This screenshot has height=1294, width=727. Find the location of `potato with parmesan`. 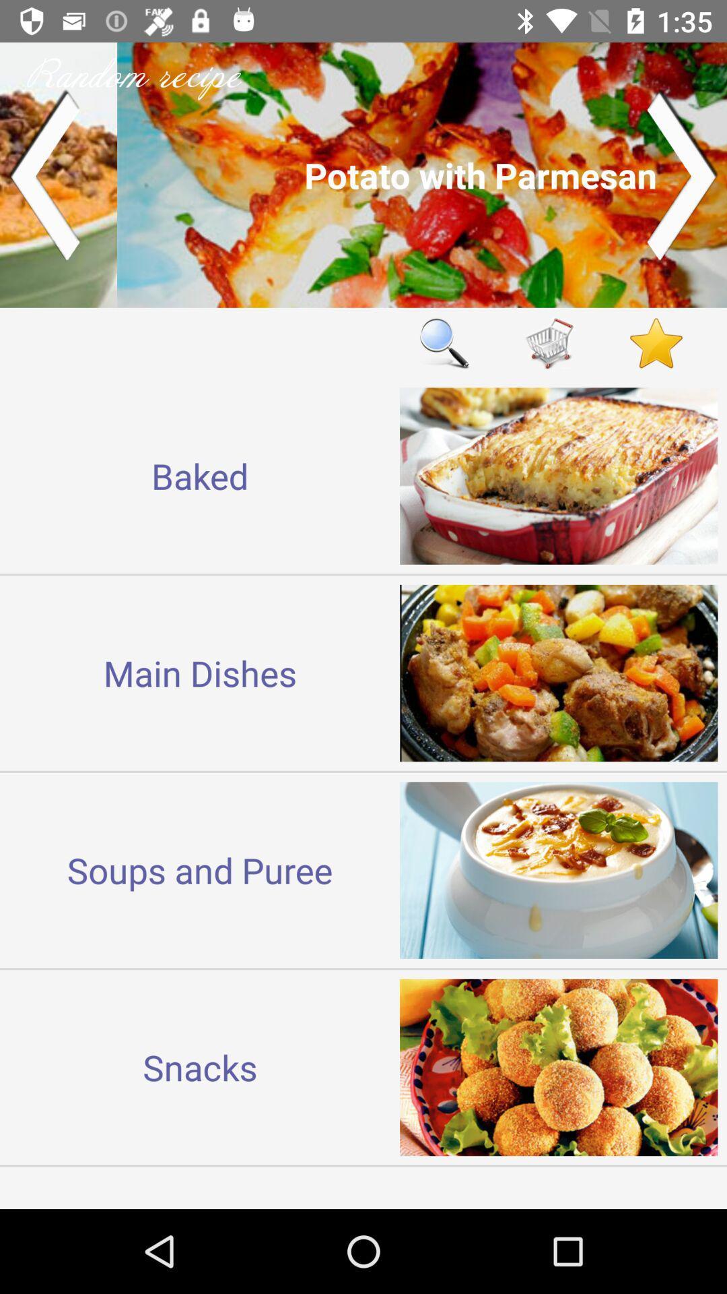

potato with parmesan is located at coordinates (363, 174).